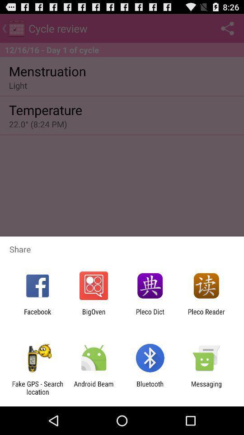  Describe the element at coordinates (206, 315) in the screenshot. I see `pleco reader` at that location.